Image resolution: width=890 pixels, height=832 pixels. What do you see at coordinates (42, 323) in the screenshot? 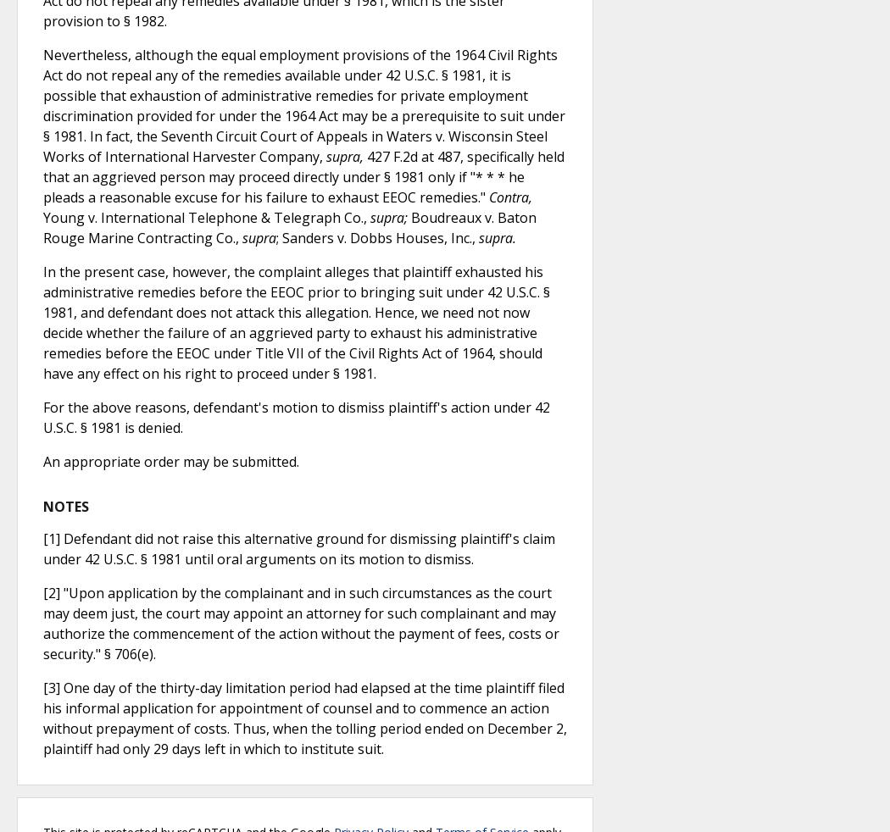
I see `'In the present case, however, the complaint alleges that plaintiff exhausted his administrative remedies before the EEOC prior to bringing suit under 42 U.S.C. § 1981, and defendant does not attack this allegation. Hence, we need not now decide whether the failure of an aggrieved party to exhaust his administrative remedies before the EEOC under Title VII of the Civil Rights Act of 1964, should have any effect on his right to proceed under § 1981.'` at bounding box center [42, 323].